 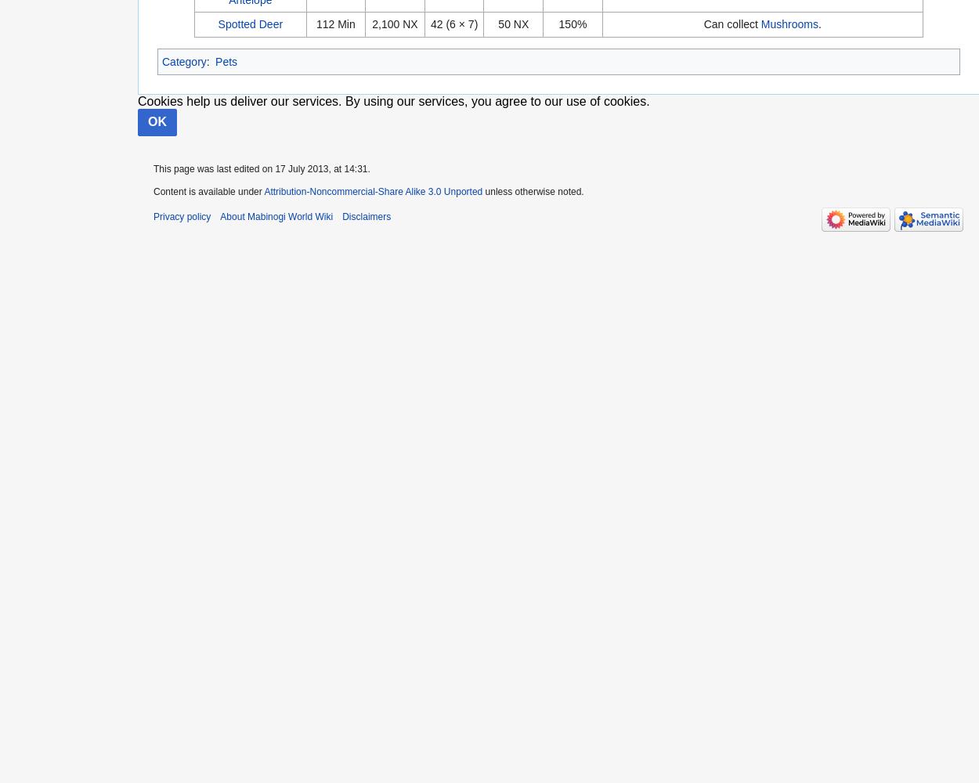 I want to click on 'Cookies help us deliver our services. By using our services, you agree to our use of cookies.', so click(x=393, y=100).